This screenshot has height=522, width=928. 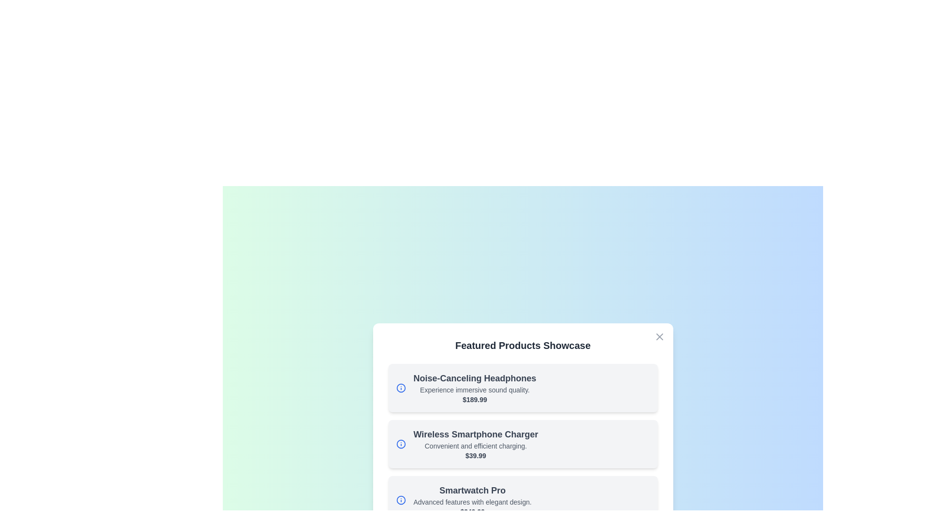 What do you see at coordinates (48, 48) in the screenshot?
I see `the background gradient area to close the dialog` at bounding box center [48, 48].